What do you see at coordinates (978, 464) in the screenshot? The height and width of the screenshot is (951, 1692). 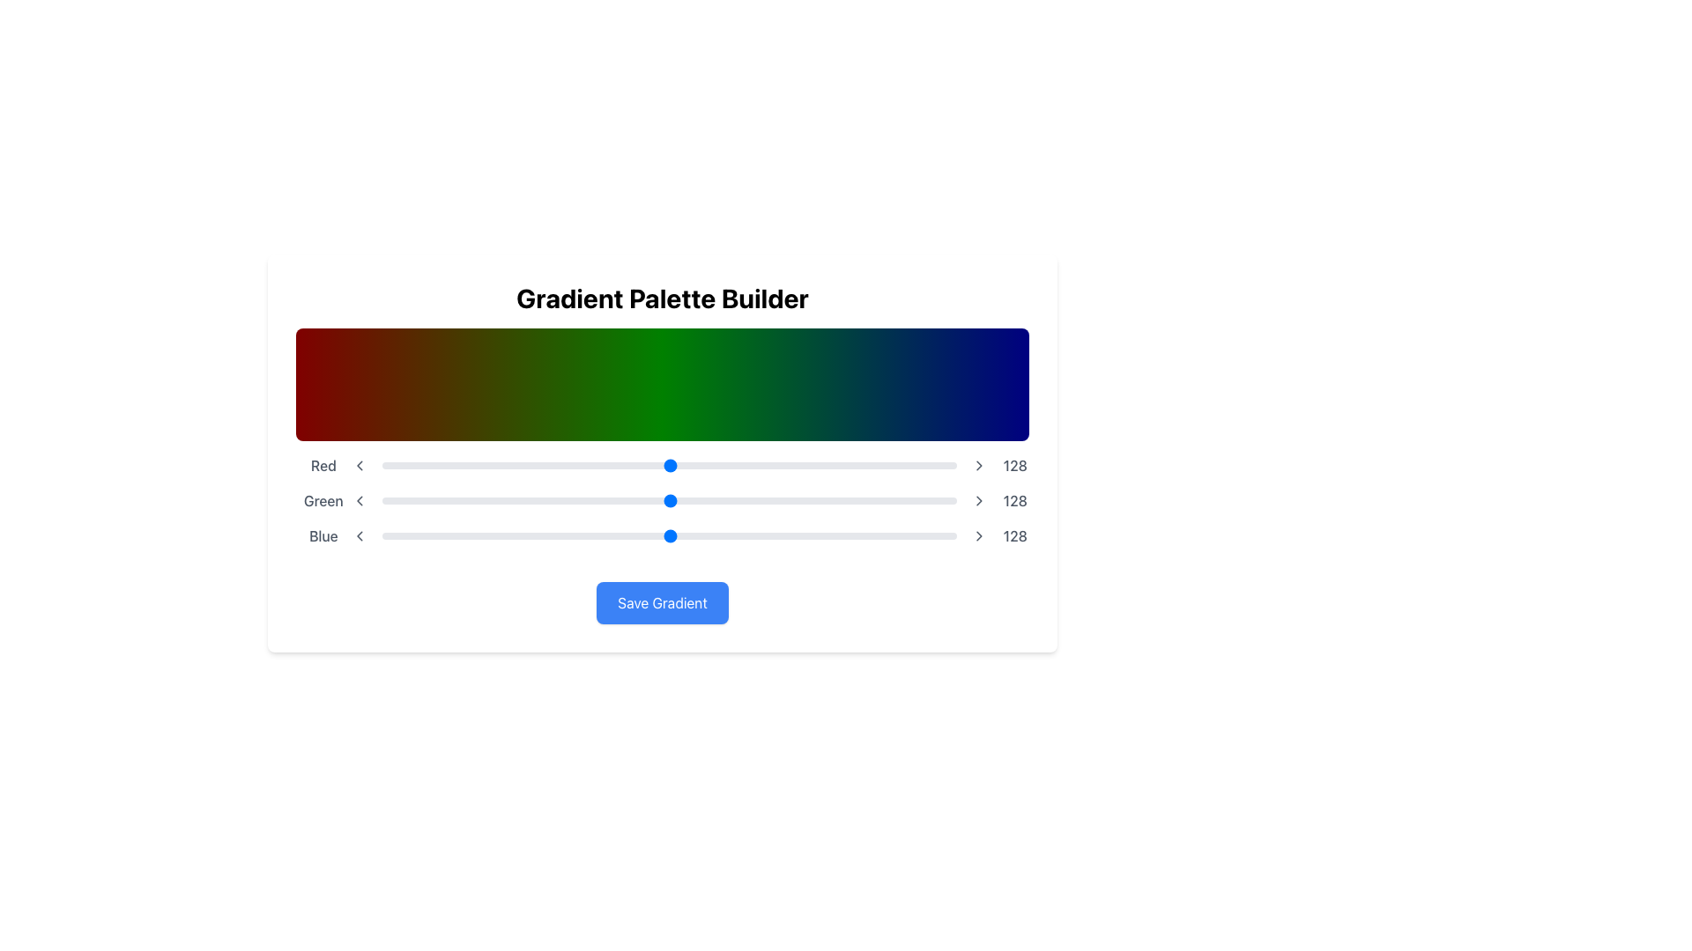 I see `the icon located at the far right of the 'Red' section to increment the value related to the slider` at bounding box center [978, 464].